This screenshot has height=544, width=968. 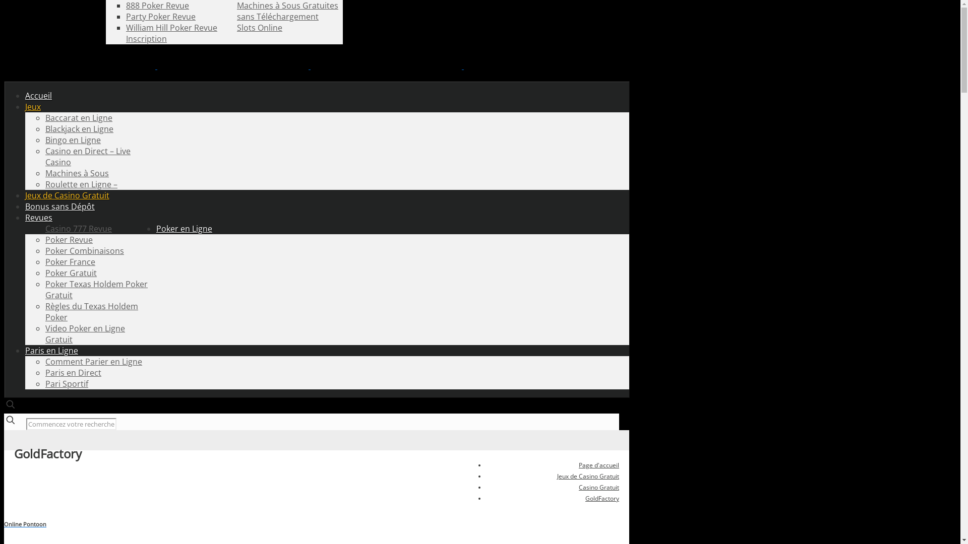 I want to click on 'GoldFactory', so click(x=602, y=498).